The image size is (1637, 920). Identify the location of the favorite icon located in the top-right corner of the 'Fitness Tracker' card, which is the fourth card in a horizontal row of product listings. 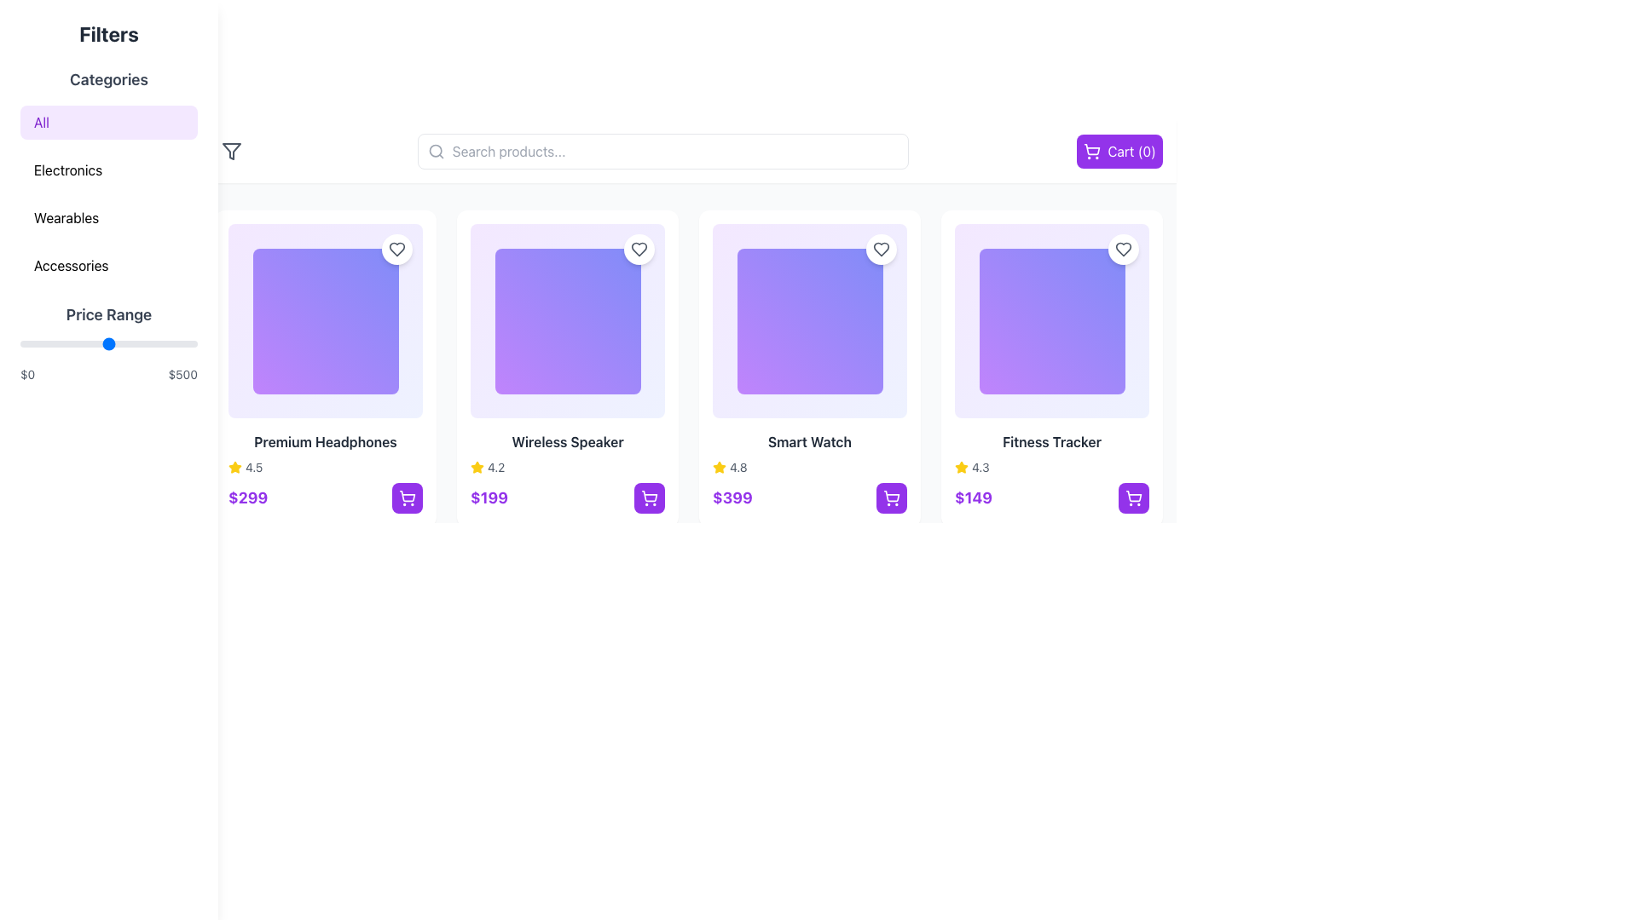
(1124, 250).